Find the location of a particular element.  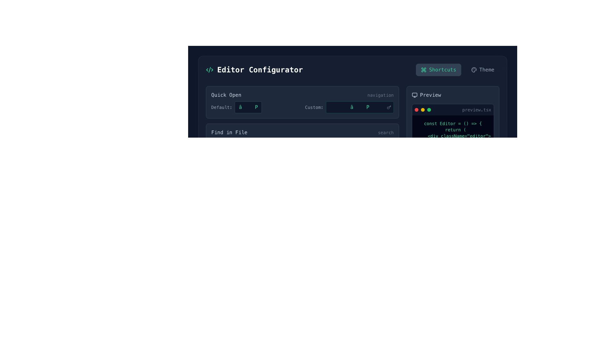

the 'Theme' button, which is a light gray button with a palette icon, located to the right of the 'Shortcuts' button in the upper-right corner of the interface is located at coordinates (482, 70).